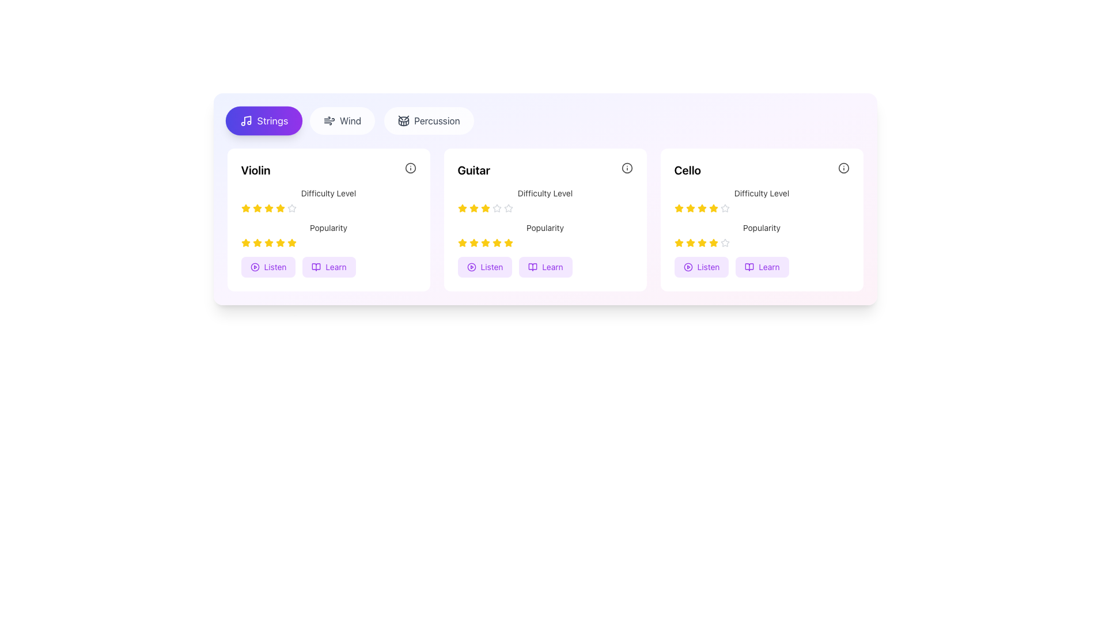 This screenshot has height=622, width=1106. I want to click on the second button in the horizontal group at the bottom of the card for the 'Guitar' item to observe the hover effects, so click(544, 267).